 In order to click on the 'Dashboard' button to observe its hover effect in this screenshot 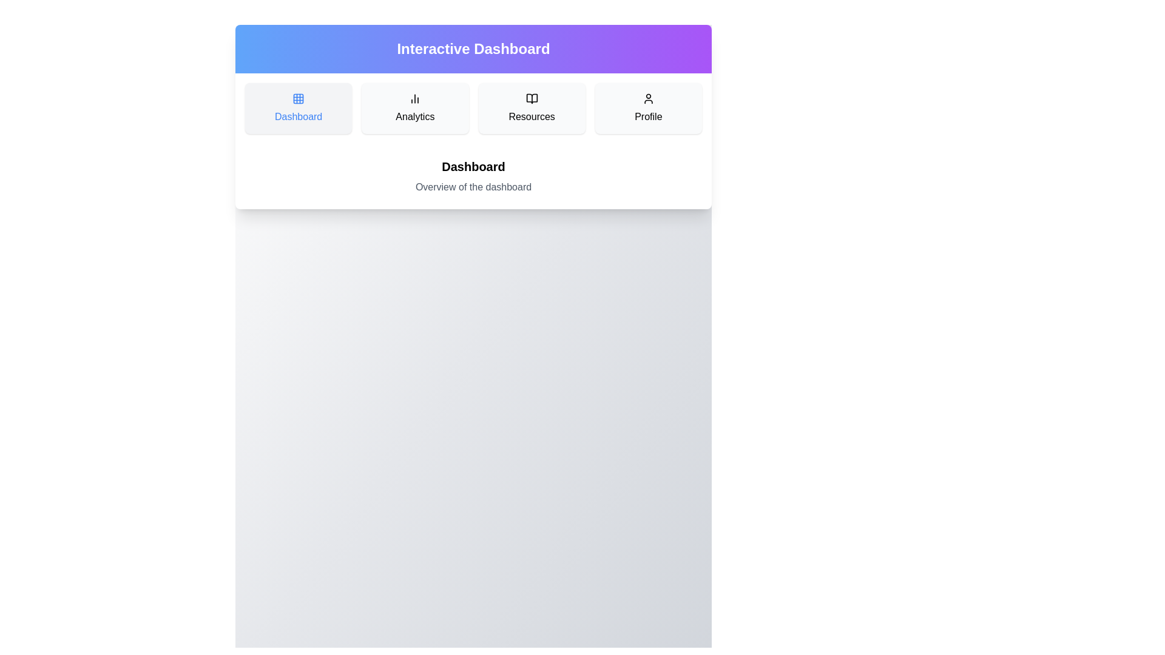, I will do `click(299, 107)`.